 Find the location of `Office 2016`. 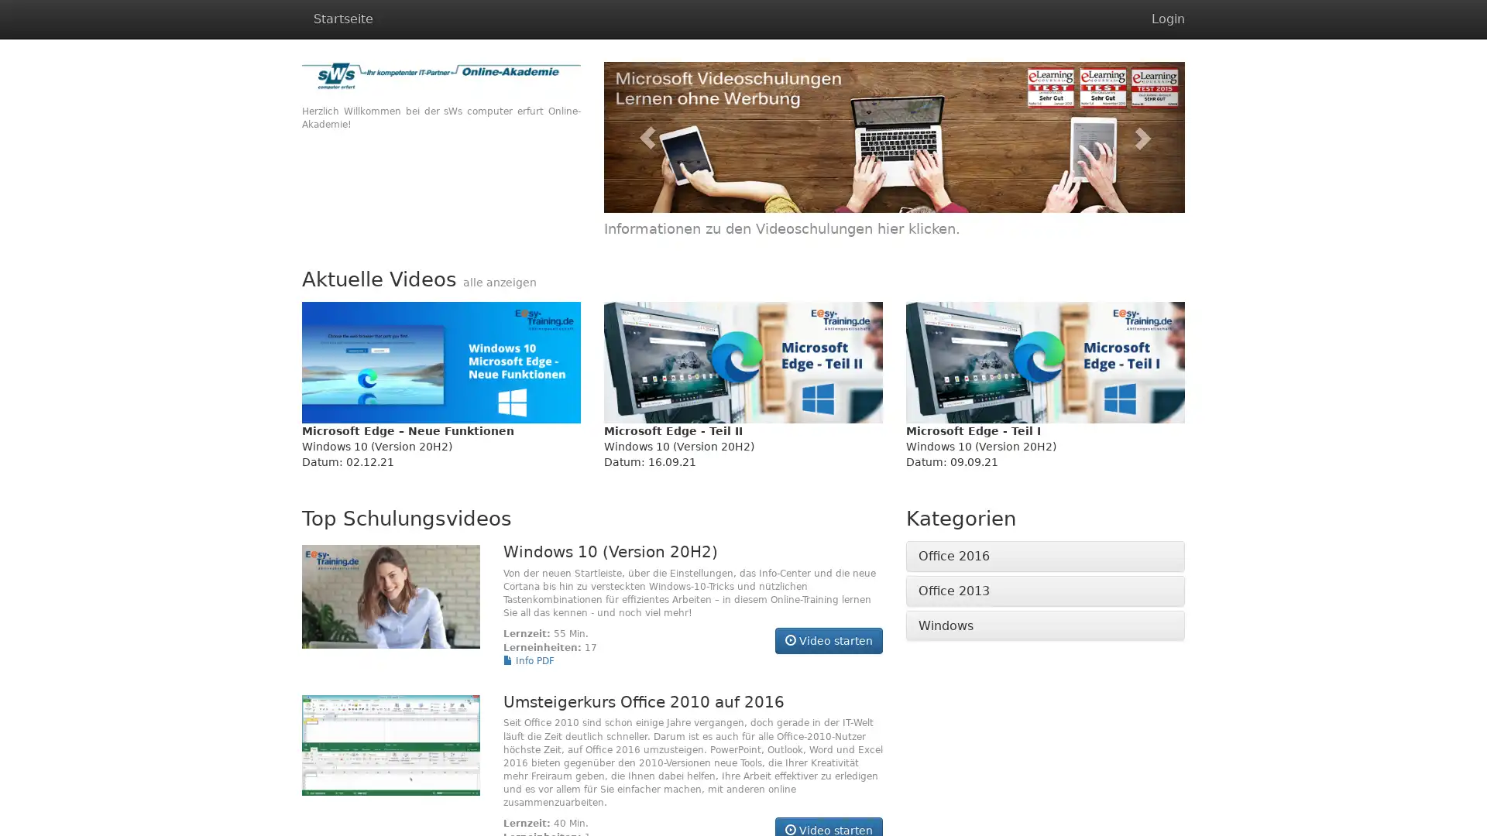

Office 2016 is located at coordinates (953, 555).